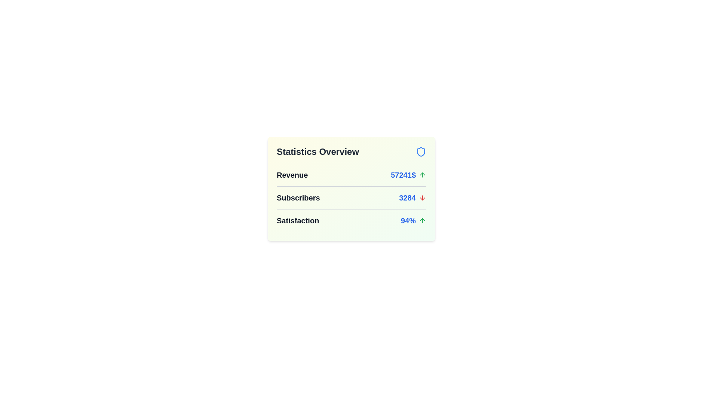 Image resolution: width=718 pixels, height=404 pixels. What do you see at coordinates (422, 197) in the screenshot?
I see `the icon corresponding to Subscribers to display its tooltip` at bounding box center [422, 197].